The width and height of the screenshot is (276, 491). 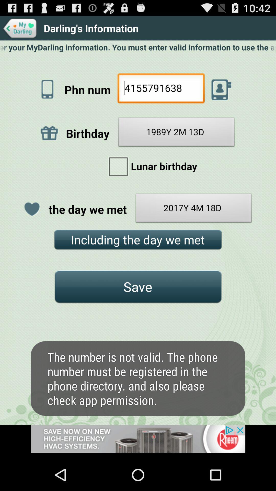 What do you see at coordinates (221, 90) in the screenshot?
I see `call this number` at bounding box center [221, 90].